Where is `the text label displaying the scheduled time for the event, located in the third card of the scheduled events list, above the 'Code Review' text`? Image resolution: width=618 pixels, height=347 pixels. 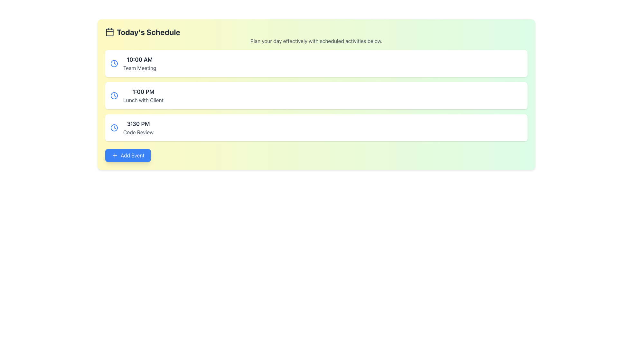 the text label displaying the scheduled time for the event, located in the third card of the scheduled events list, above the 'Code Review' text is located at coordinates (138, 124).